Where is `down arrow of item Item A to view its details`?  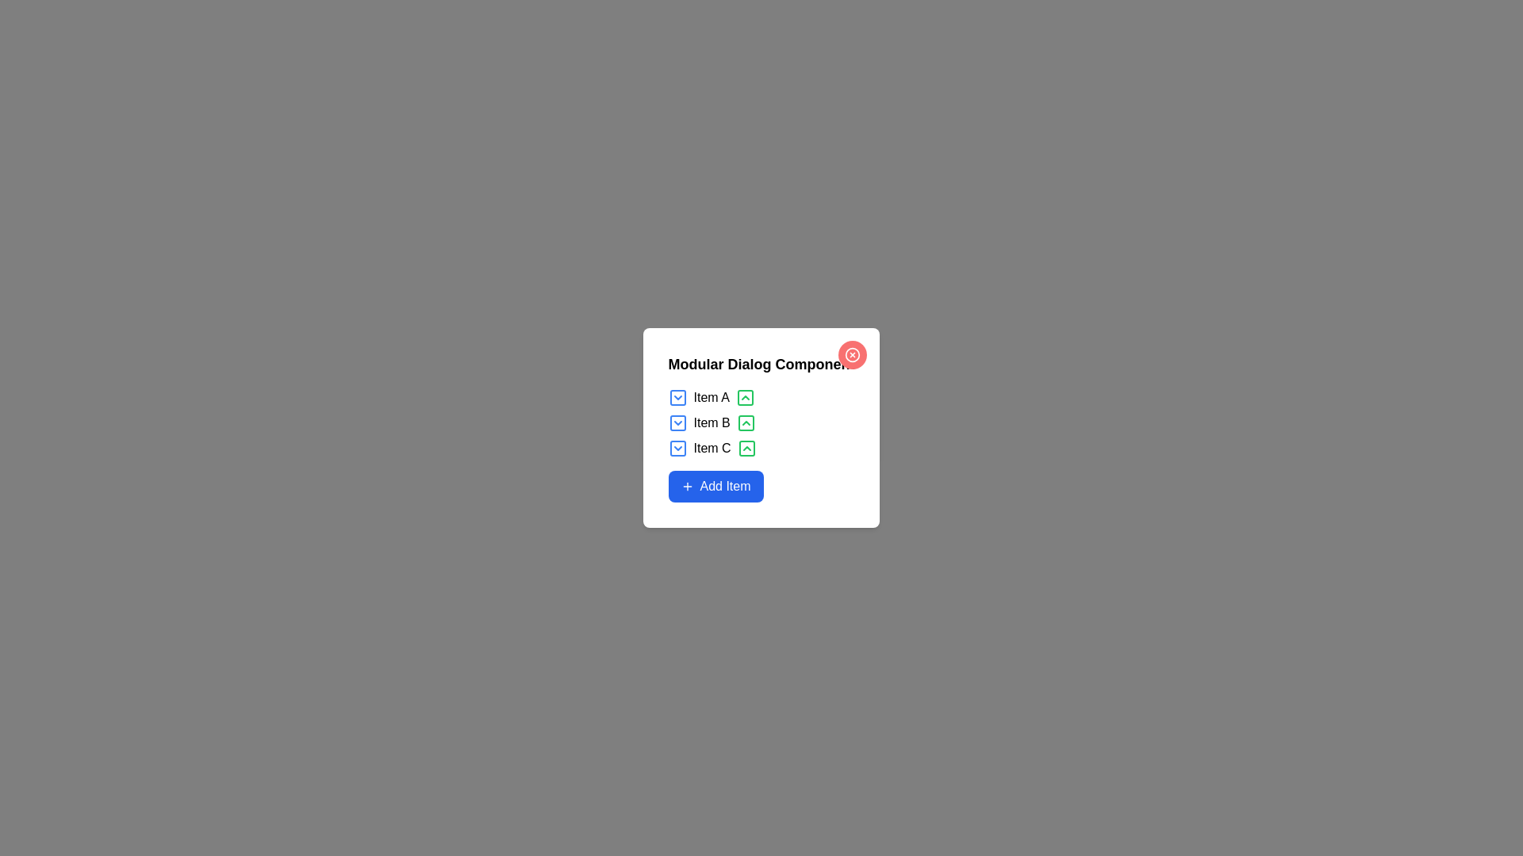 down arrow of item Item A to view its details is located at coordinates (677, 396).